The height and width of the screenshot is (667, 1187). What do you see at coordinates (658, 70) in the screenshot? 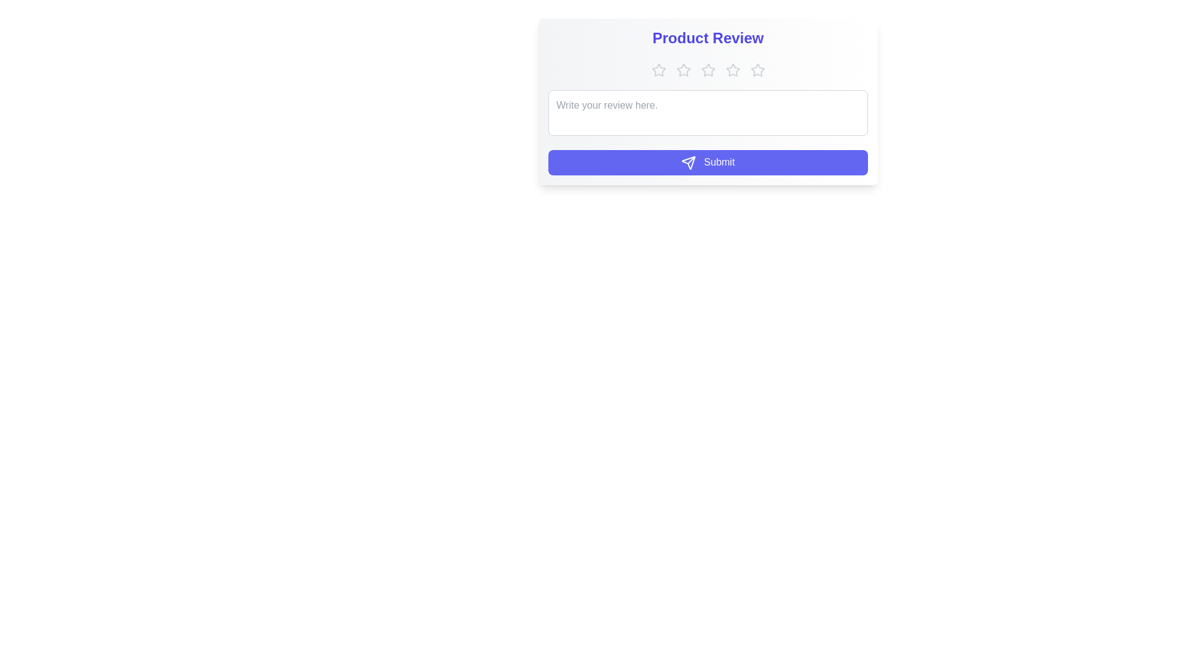
I see `the product rating to 1 stars by clicking on the respective star` at bounding box center [658, 70].